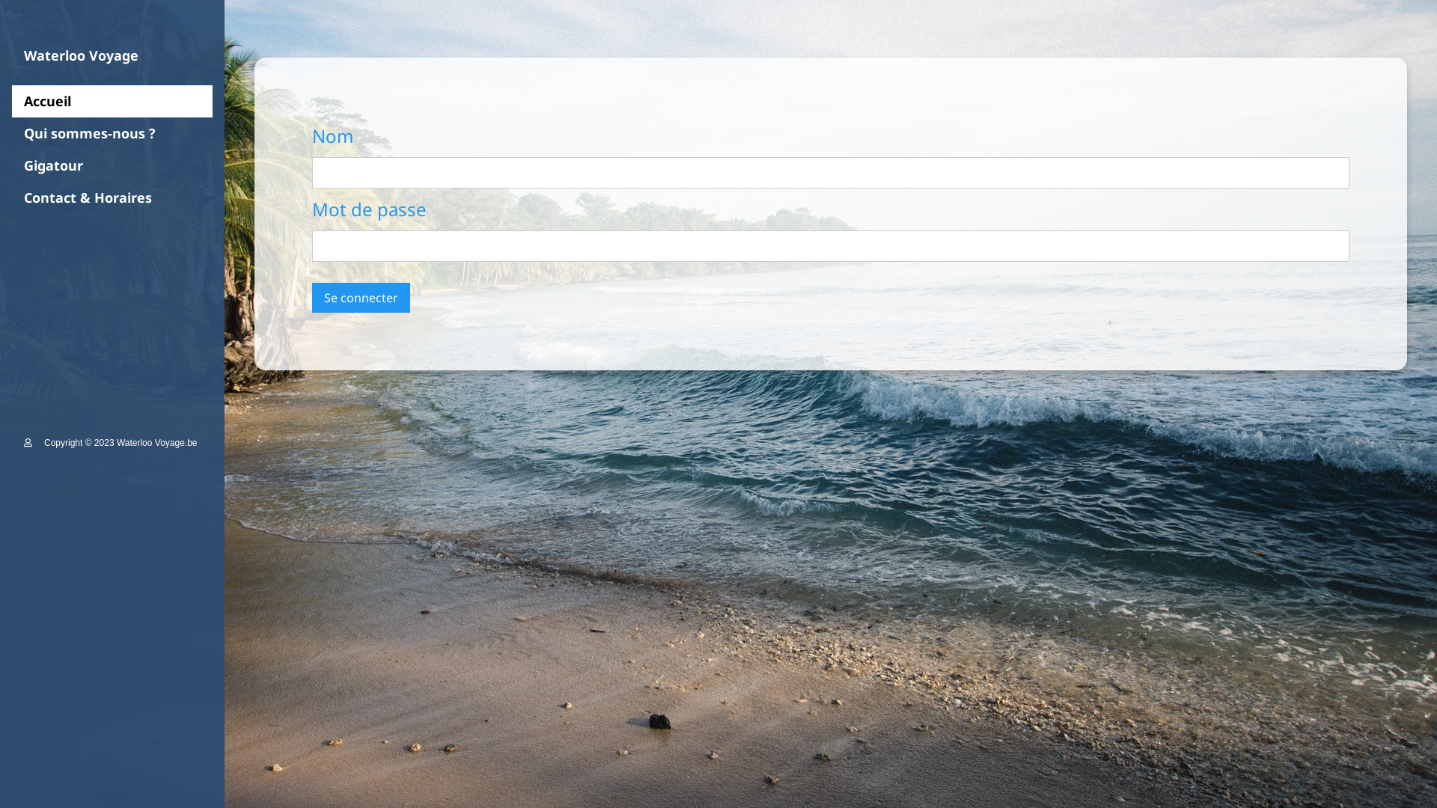  Describe the element at coordinates (11, 132) in the screenshot. I see `'Qui sommes-nous ?'` at that location.